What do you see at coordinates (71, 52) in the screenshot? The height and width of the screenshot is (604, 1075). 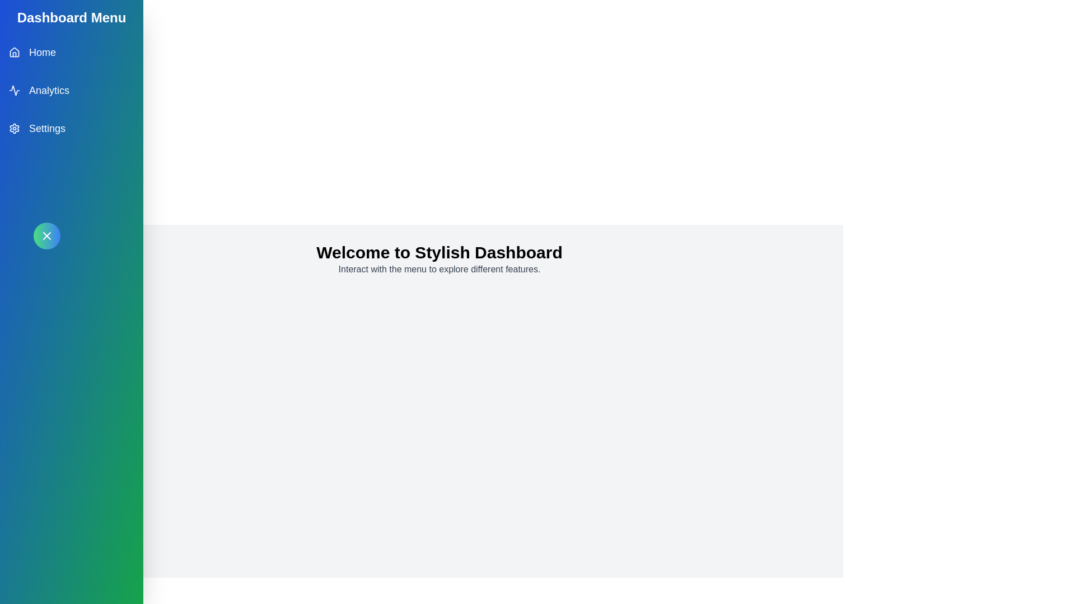 I see `the Home panel from the menu` at bounding box center [71, 52].